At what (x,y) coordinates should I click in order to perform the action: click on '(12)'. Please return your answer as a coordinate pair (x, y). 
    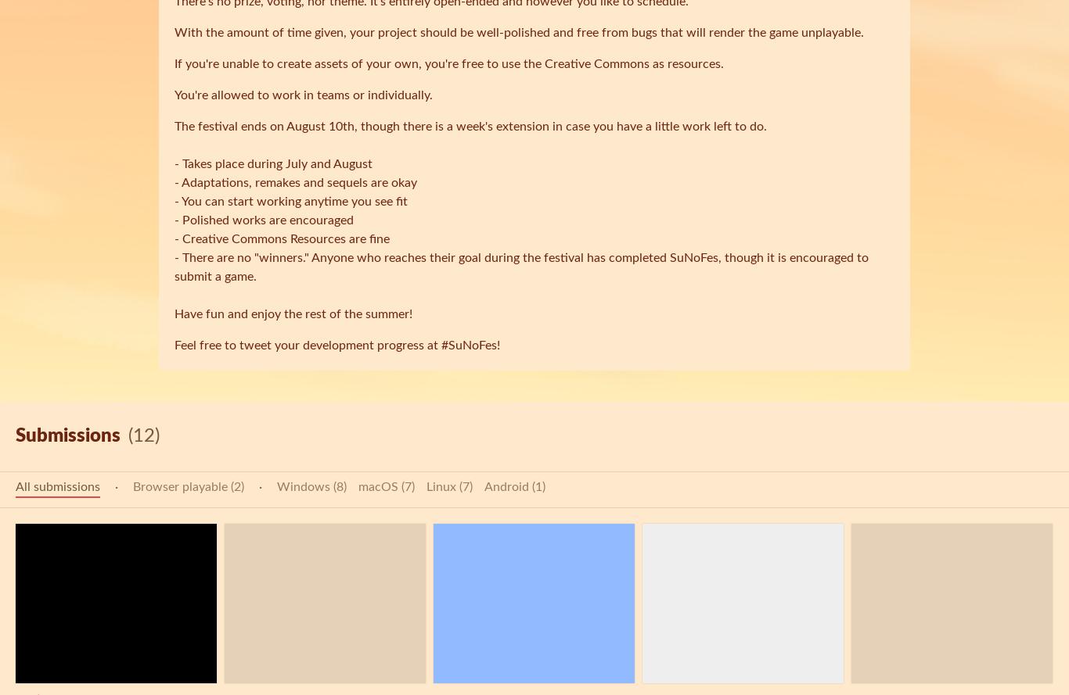
    Looking at the image, I should click on (128, 436).